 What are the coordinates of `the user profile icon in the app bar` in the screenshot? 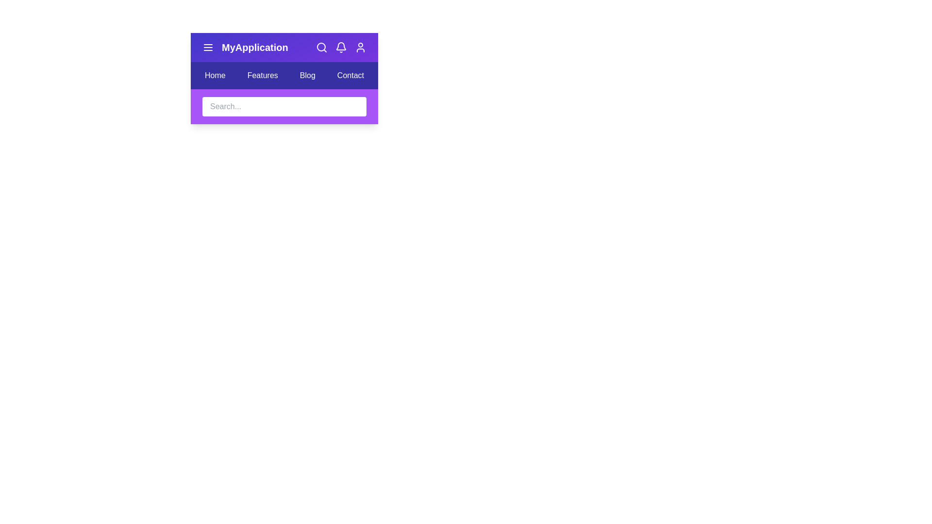 It's located at (360, 47).